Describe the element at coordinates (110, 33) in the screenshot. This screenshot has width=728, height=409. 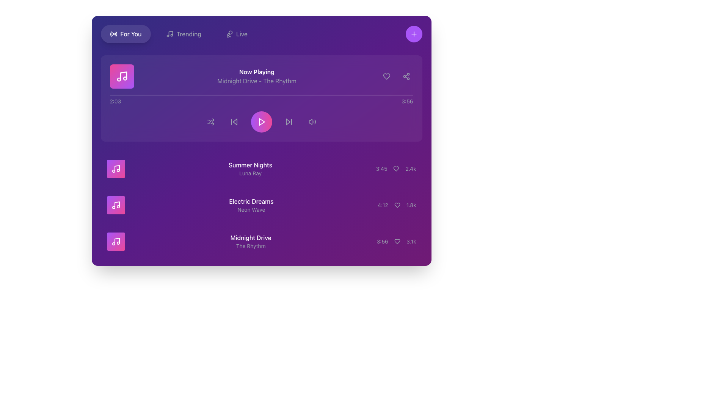
I see `the leftmost outer arc of the curved line segment in the upper left section of the interface, which is part of a circular vector graphic` at that location.